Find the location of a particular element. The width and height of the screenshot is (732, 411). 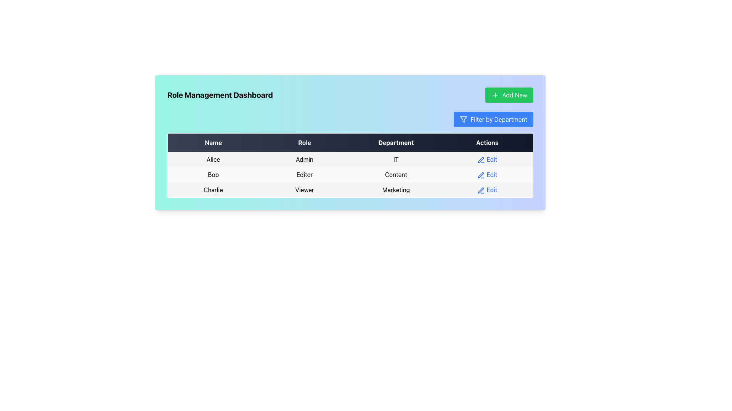

the 'Department' table header cell, which is a dark rectangular label with the bold word 'Department' in white, positioned centrally in the header row of the table. This element is the third column header, located between 'Role' and 'Actions' headers is located at coordinates (396, 142).